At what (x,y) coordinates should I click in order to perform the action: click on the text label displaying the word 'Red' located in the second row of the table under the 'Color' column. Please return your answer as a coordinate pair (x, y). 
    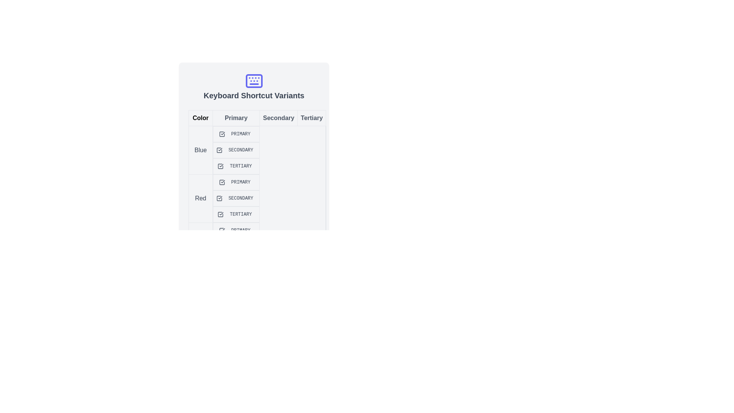
    Looking at the image, I should click on (200, 198).